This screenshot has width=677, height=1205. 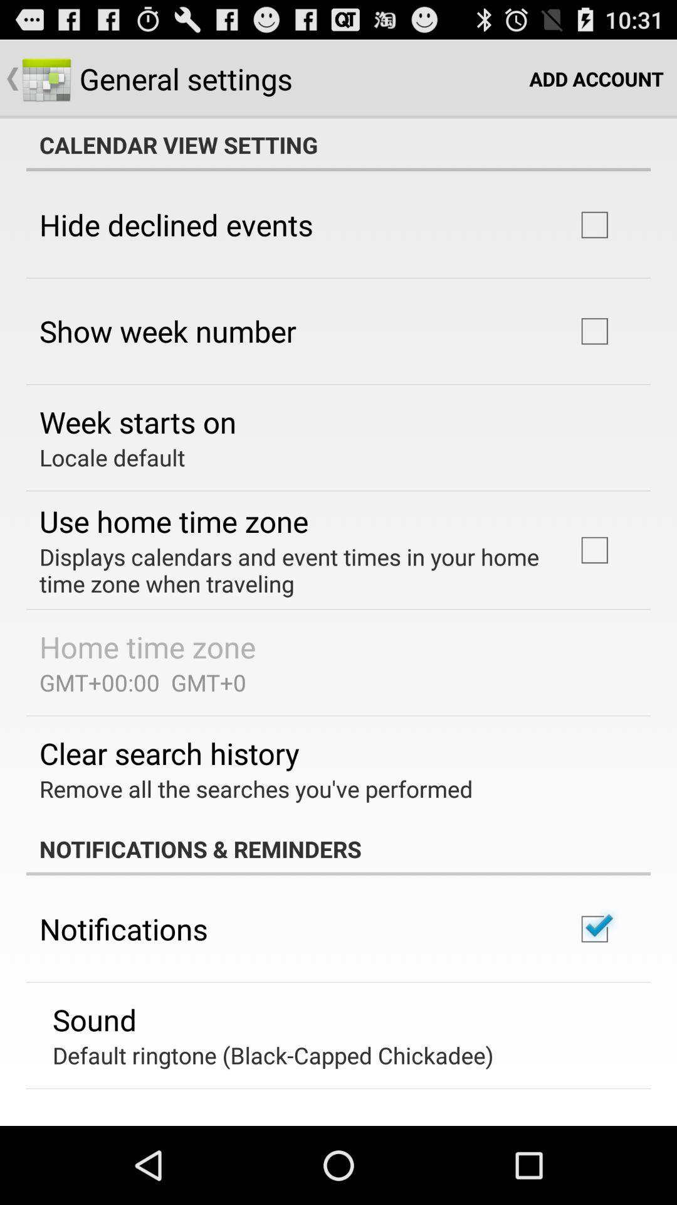 What do you see at coordinates (272, 1054) in the screenshot?
I see `app below the sound item` at bounding box center [272, 1054].